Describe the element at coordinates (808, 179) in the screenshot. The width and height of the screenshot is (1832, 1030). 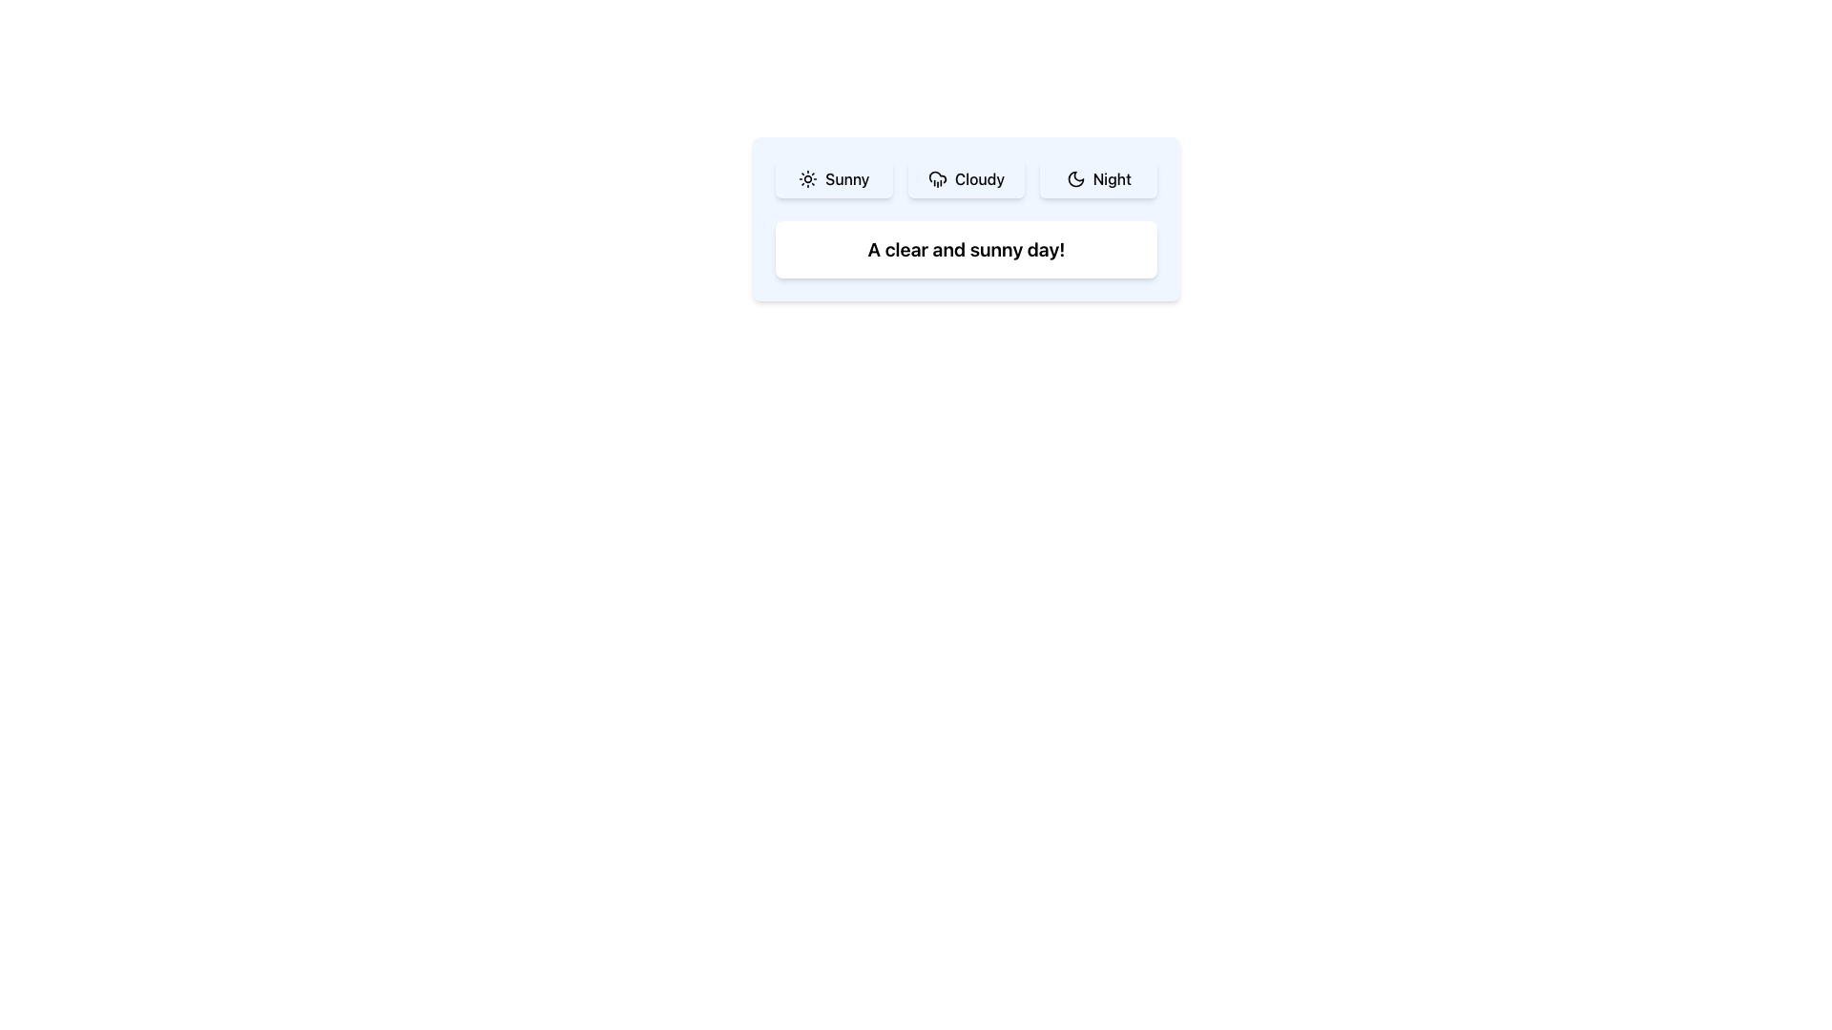
I see `the 'Sunny' icon, which is located inside the first button of a horizontal list representing weather conditions in a weather-related application` at that location.